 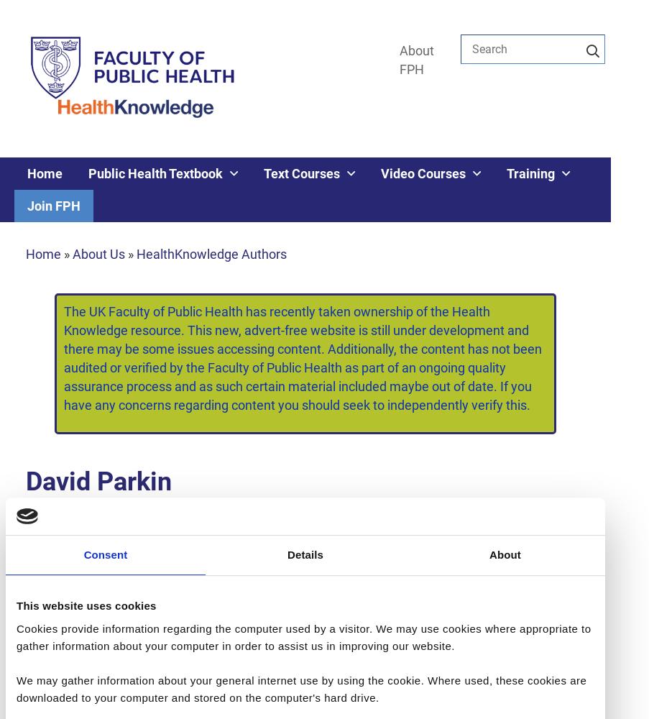 What do you see at coordinates (304, 554) in the screenshot?
I see `'Details'` at bounding box center [304, 554].